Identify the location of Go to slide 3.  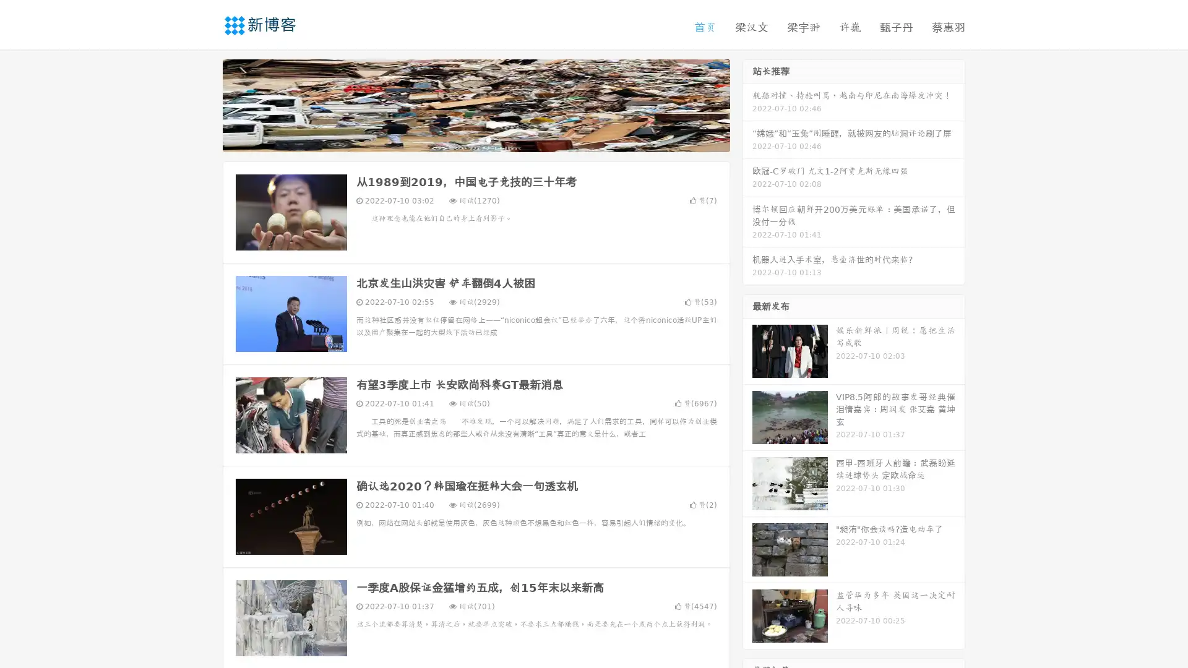
(488, 139).